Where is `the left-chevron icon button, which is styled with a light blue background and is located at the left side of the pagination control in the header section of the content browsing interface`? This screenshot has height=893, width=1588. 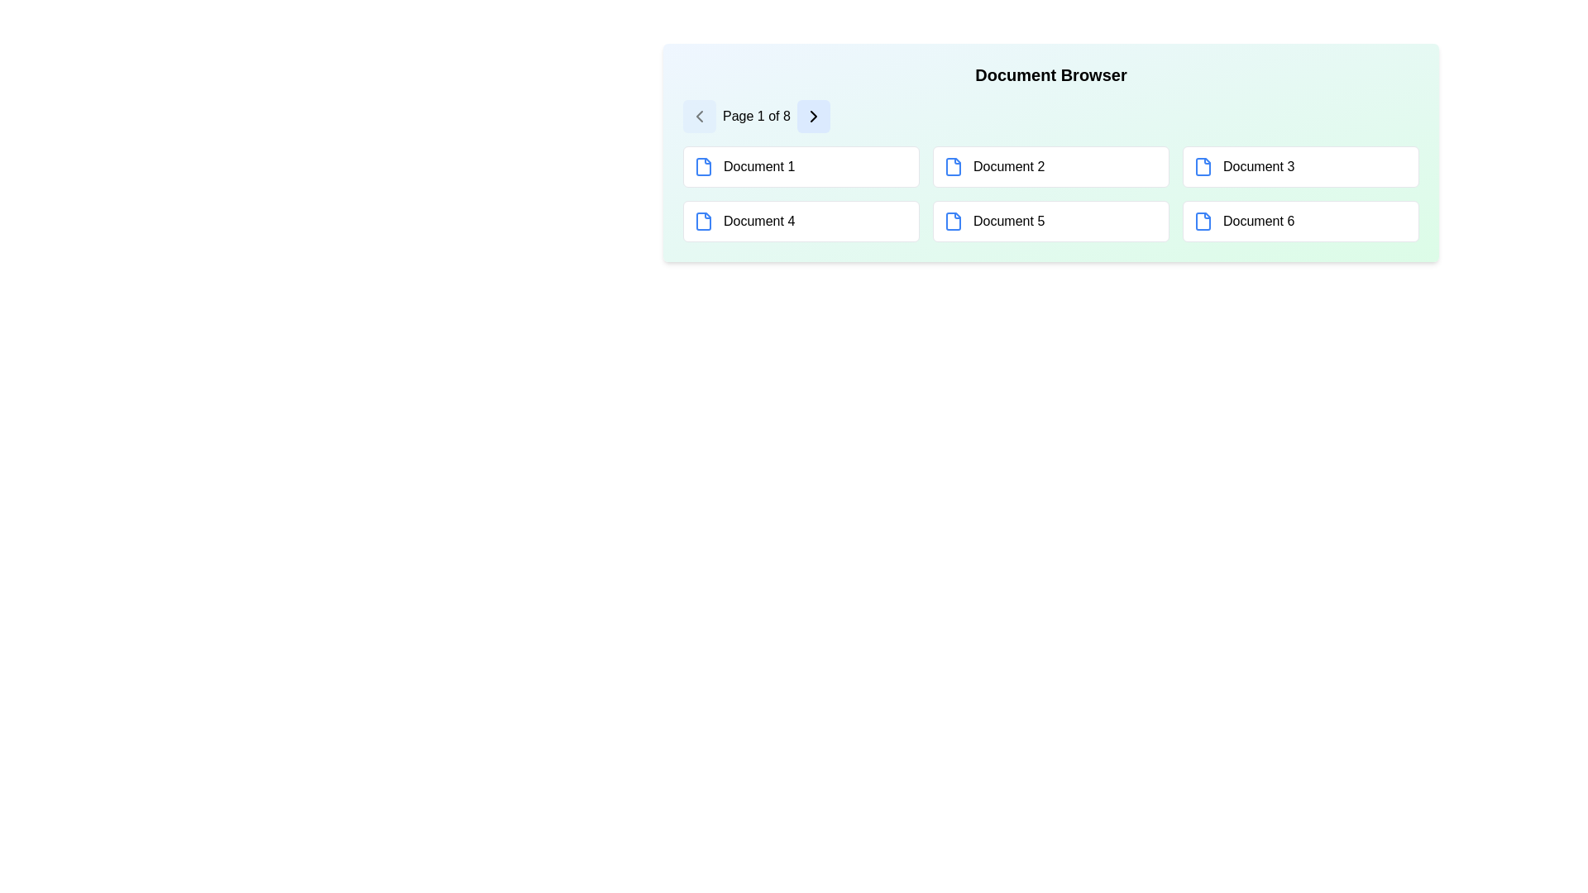 the left-chevron icon button, which is styled with a light blue background and is located at the left side of the pagination control in the header section of the content browsing interface is located at coordinates (699, 116).